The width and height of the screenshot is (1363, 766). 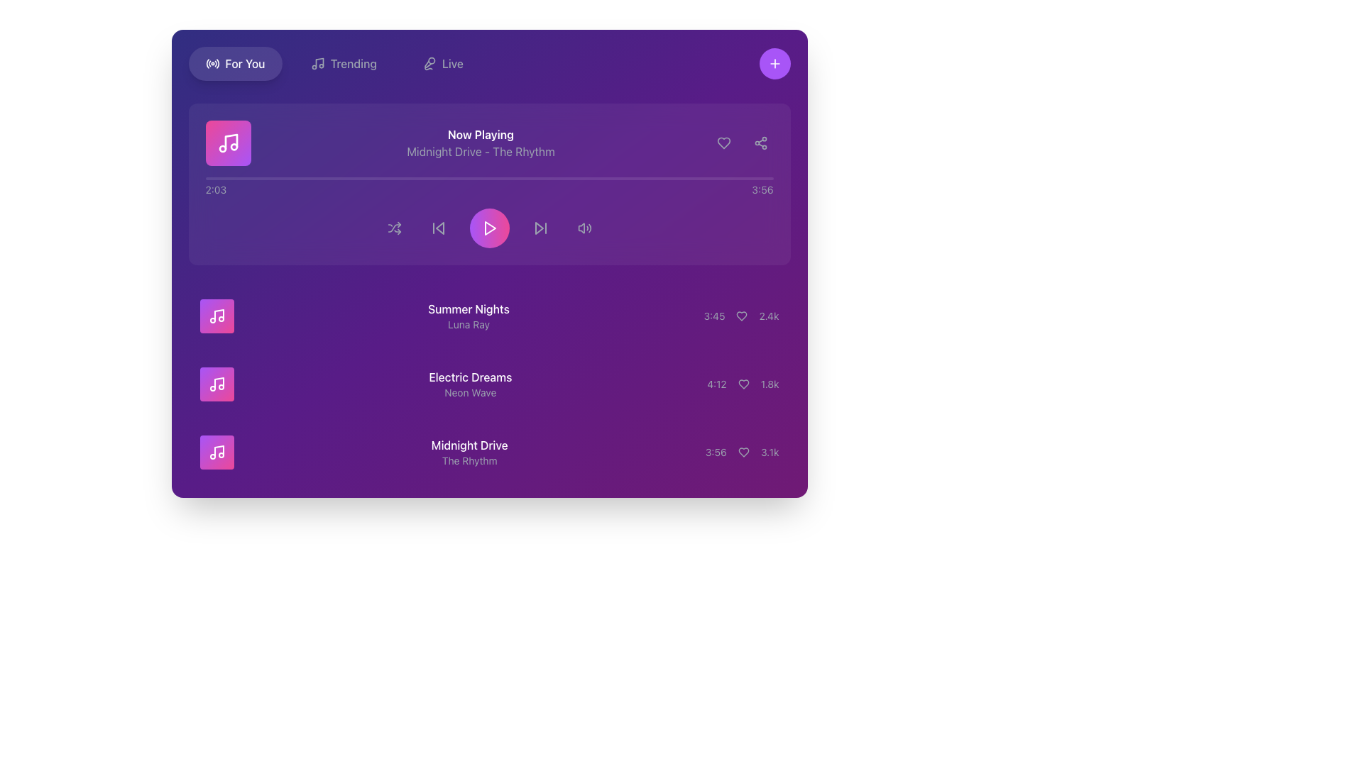 What do you see at coordinates (216, 384) in the screenshot?
I see `the icon representing the music track 'Electric Dreams' in the music track list interface, which is the third icon in the vertical list of tracks` at bounding box center [216, 384].